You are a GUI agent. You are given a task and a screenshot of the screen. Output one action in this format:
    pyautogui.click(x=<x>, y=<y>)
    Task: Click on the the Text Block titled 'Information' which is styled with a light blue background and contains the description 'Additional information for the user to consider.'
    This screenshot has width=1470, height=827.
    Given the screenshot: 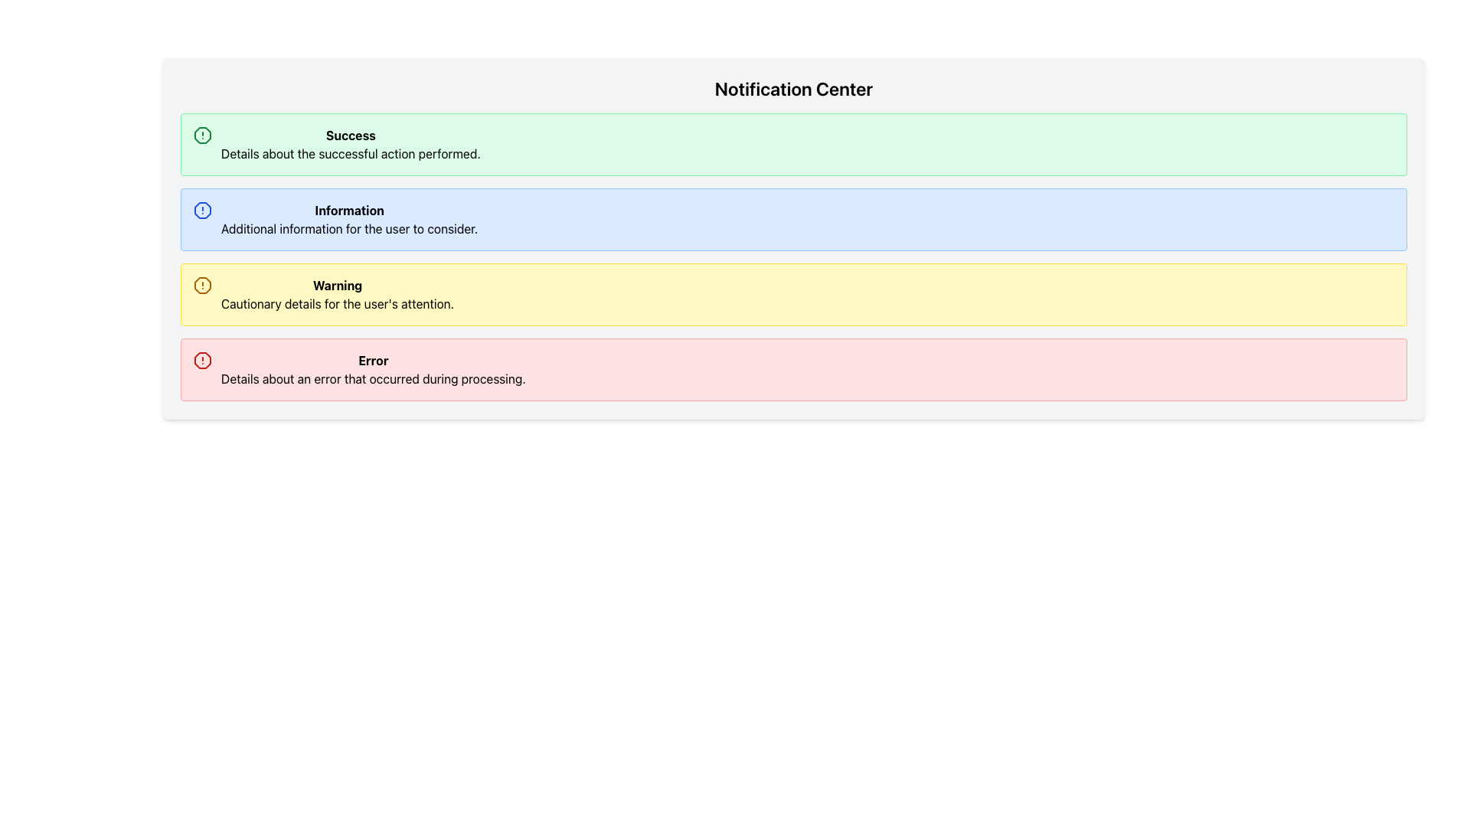 What is the action you would take?
    pyautogui.click(x=348, y=219)
    